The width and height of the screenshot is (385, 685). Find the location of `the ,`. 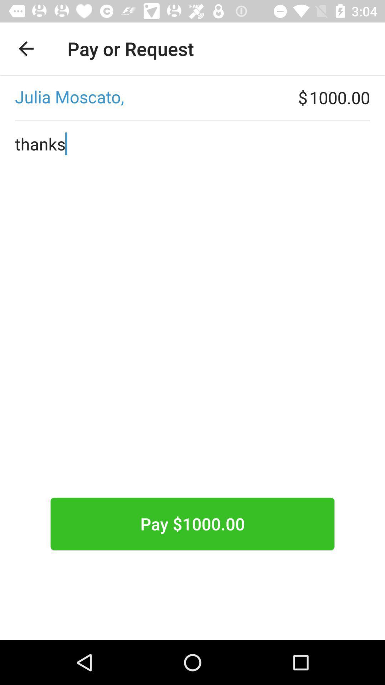

the , is located at coordinates (149, 97).